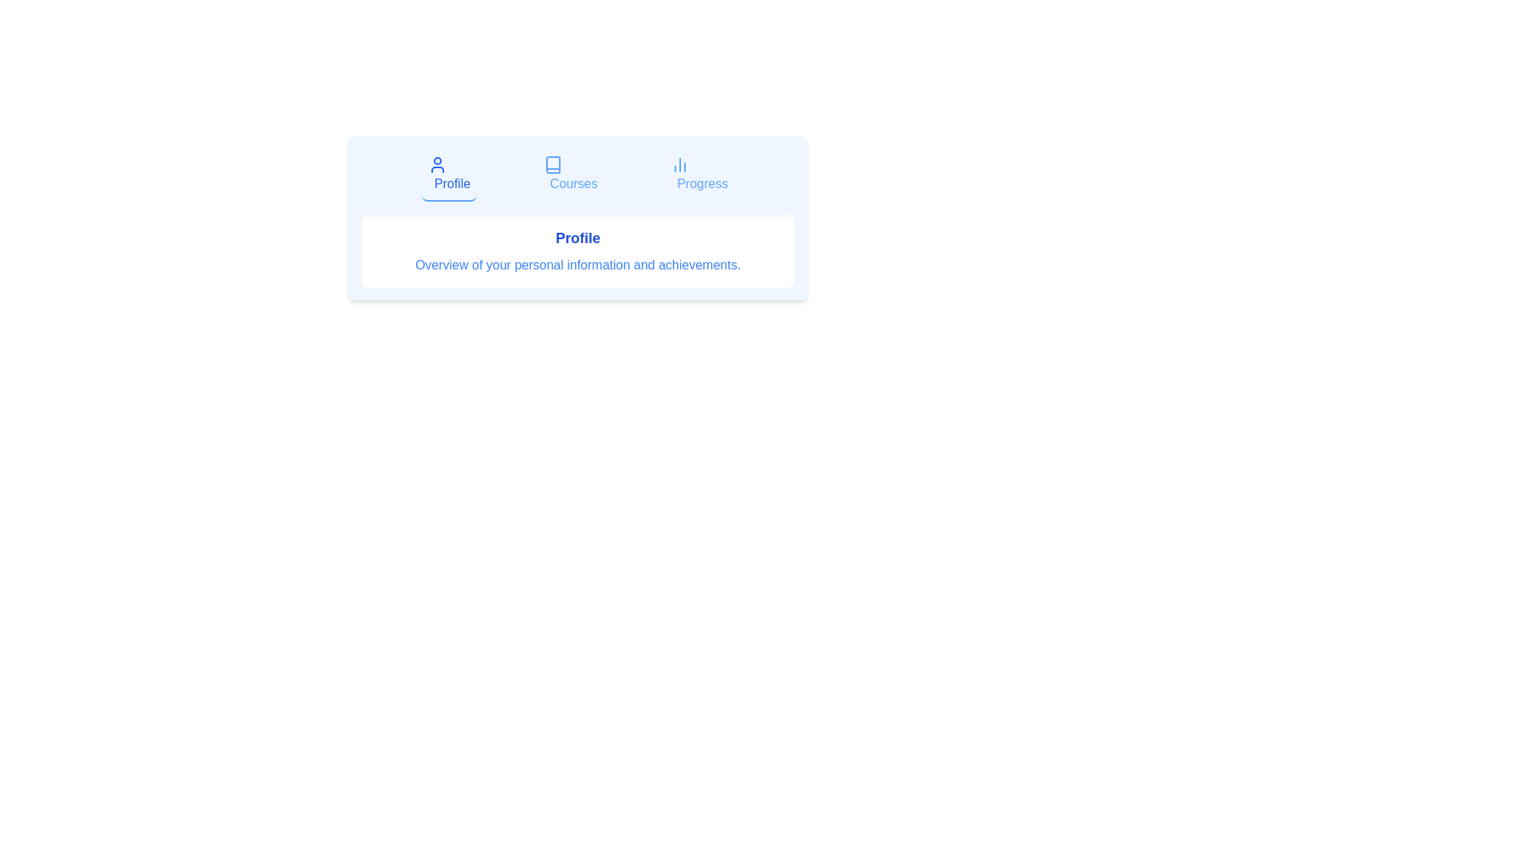 Image resolution: width=1531 pixels, height=861 pixels. What do you see at coordinates (699, 175) in the screenshot?
I see `the Progress tab to preview its visual feedback` at bounding box center [699, 175].